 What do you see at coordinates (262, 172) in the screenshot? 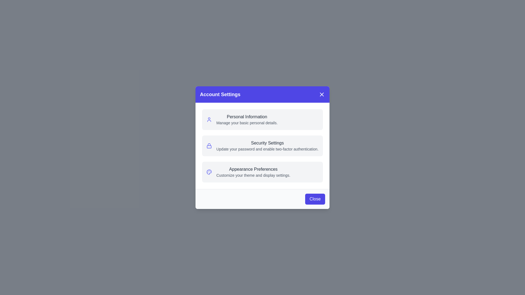
I see `the 'Appearance Preferences' menu item, which is the third item in the vertical list inside the 'Account Settings' modal` at bounding box center [262, 172].